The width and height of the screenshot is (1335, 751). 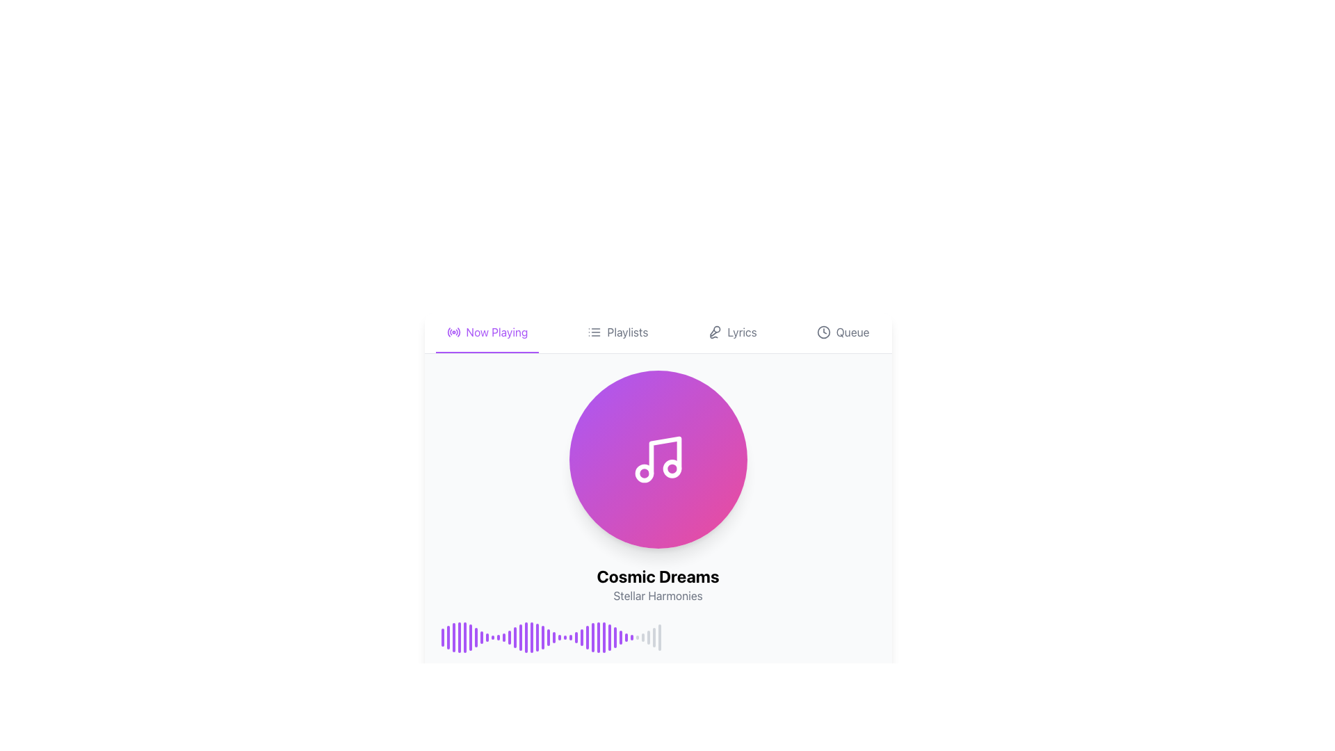 I want to click on the 31st vertical bar in the audio waveform visualization, which represents a specific point in the audio waveform and indicates sound intensity, so click(x=614, y=638).